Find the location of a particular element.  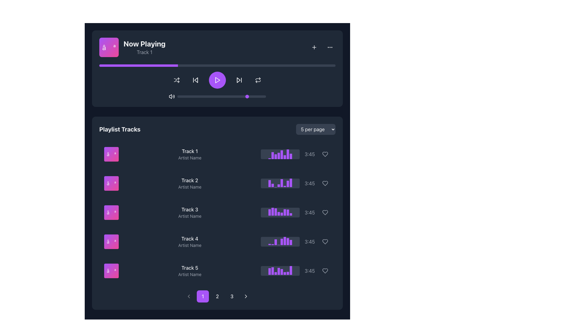

to select the second item in the playlist, which displays track information such as name, artist, and duration is located at coordinates (217, 183).